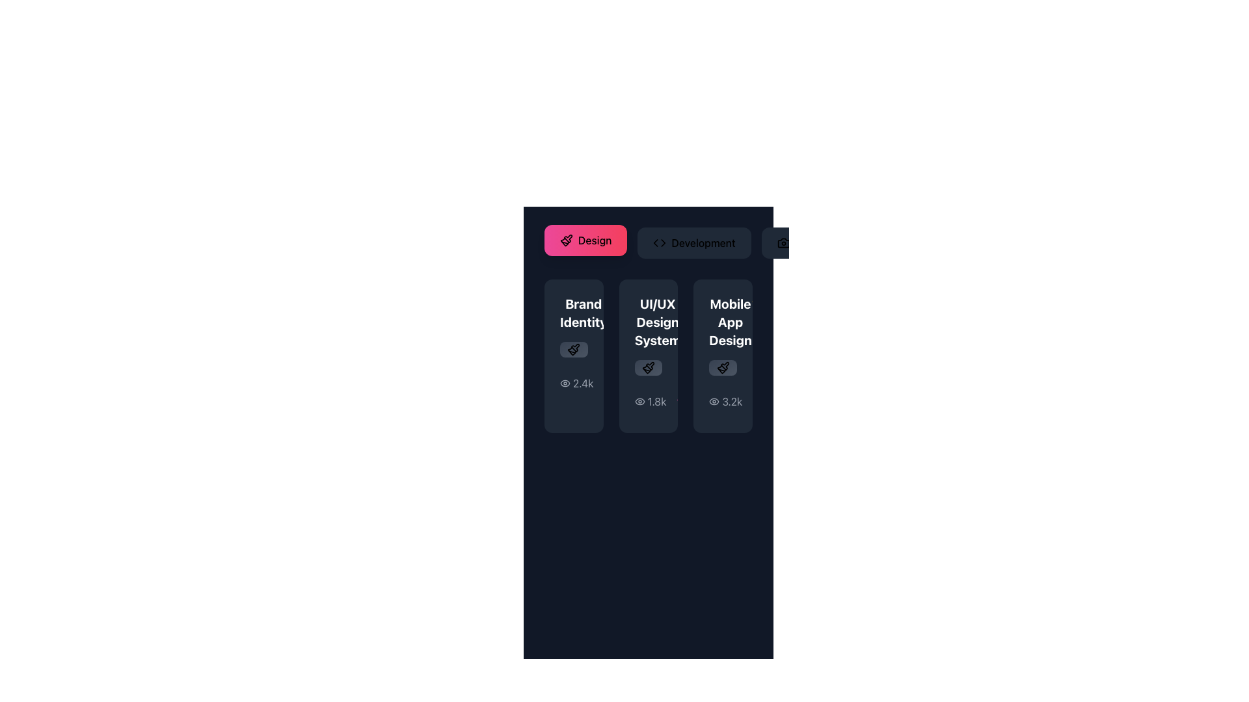  What do you see at coordinates (585, 240) in the screenshot?
I see `the first button in the horizontal navigation bar` at bounding box center [585, 240].